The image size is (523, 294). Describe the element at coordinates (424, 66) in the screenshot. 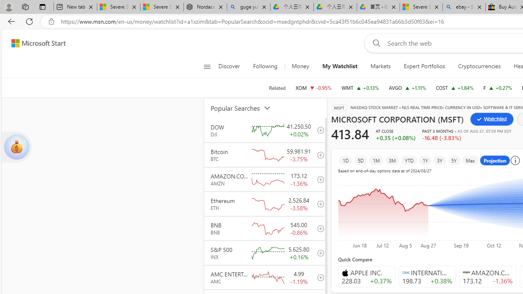

I see `'Expert Portfolios'` at that location.